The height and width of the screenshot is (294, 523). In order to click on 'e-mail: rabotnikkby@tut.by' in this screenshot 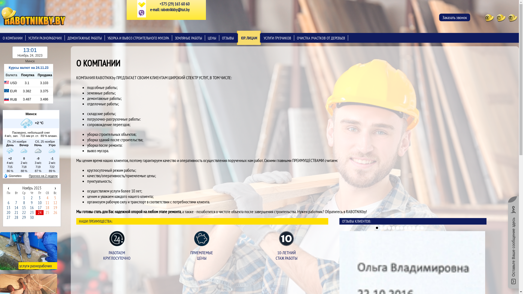, I will do `click(169, 10)`.